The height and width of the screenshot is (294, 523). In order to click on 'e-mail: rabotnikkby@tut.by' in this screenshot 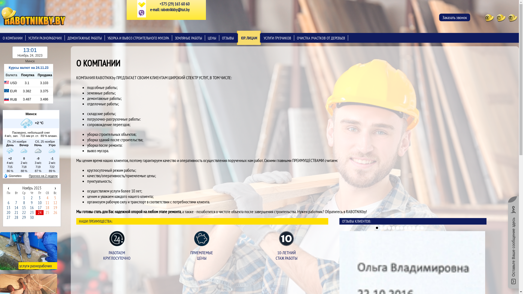, I will do `click(169, 10)`.